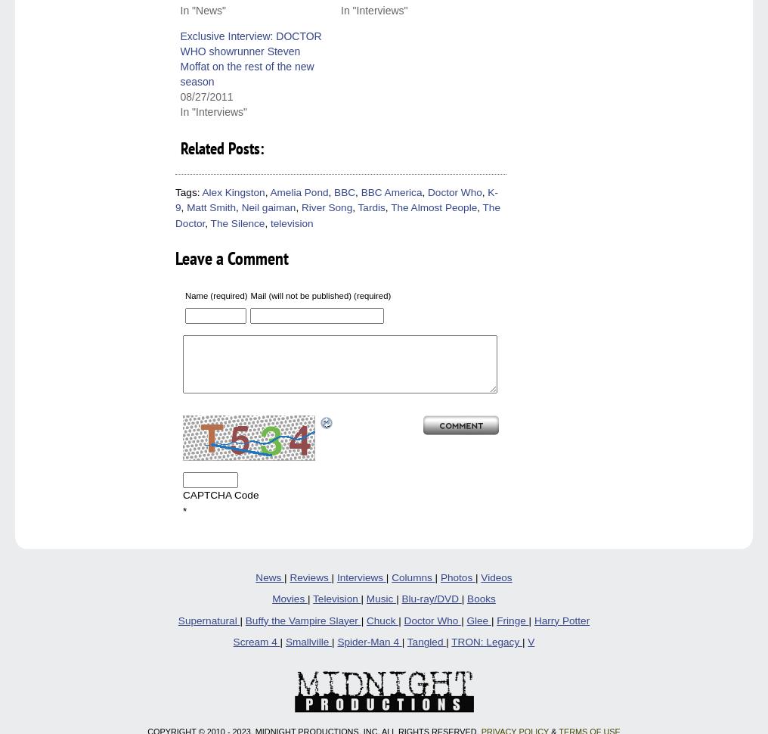 The image size is (768, 734). Describe the element at coordinates (562, 620) in the screenshot. I see `'Harry Potter'` at that location.